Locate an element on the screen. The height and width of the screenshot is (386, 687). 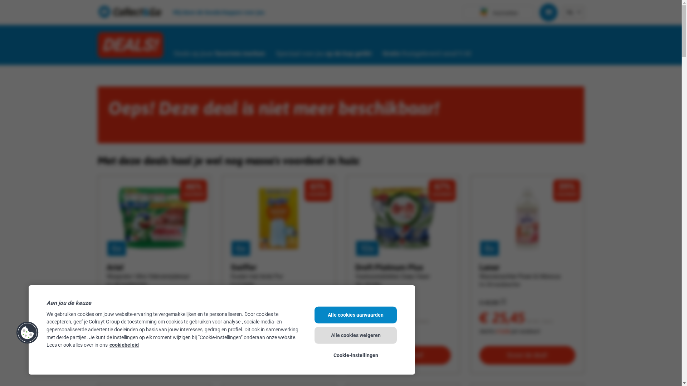
'Alle cookies aanvaarden' is located at coordinates (355, 315).